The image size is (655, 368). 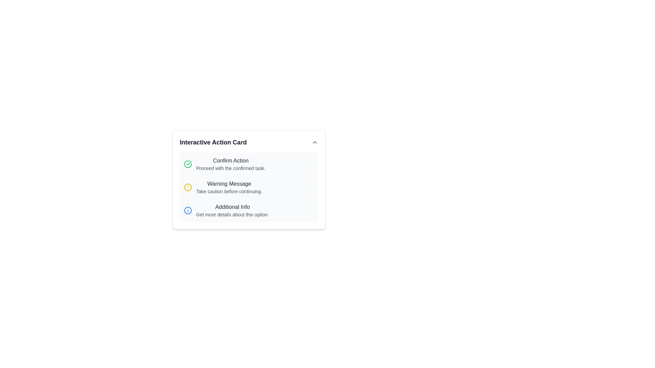 What do you see at coordinates (188, 187) in the screenshot?
I see `the decorative circular graphic within the warning icon, located slightly above the middle of the card next to the 'Warning Message' text` at bounding box center [188, 187].